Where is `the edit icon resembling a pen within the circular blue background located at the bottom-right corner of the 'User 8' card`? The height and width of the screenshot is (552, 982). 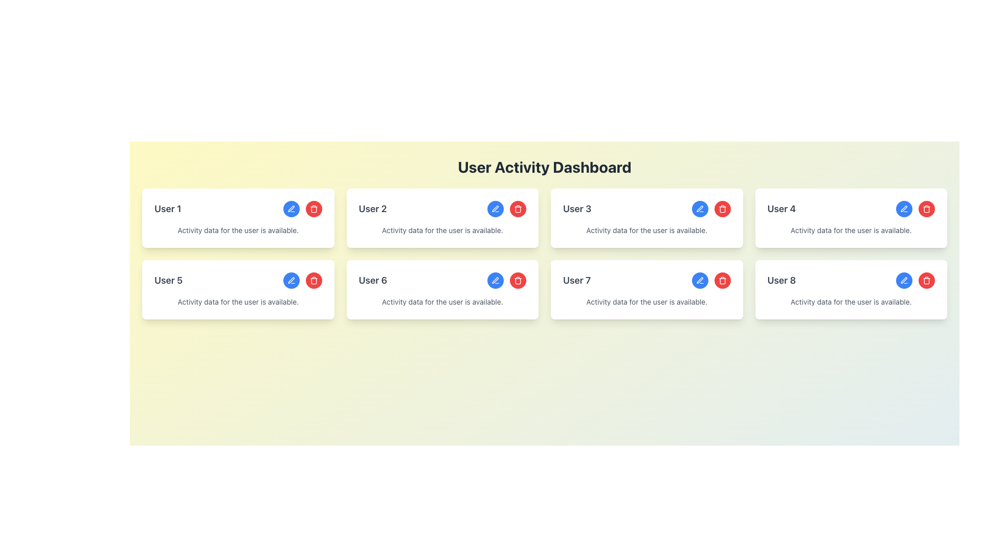
the edit icon resembling a pen within the circular blue background located at the bottom-right corner of the 'User 8' card is located at coordinates (904, 280).